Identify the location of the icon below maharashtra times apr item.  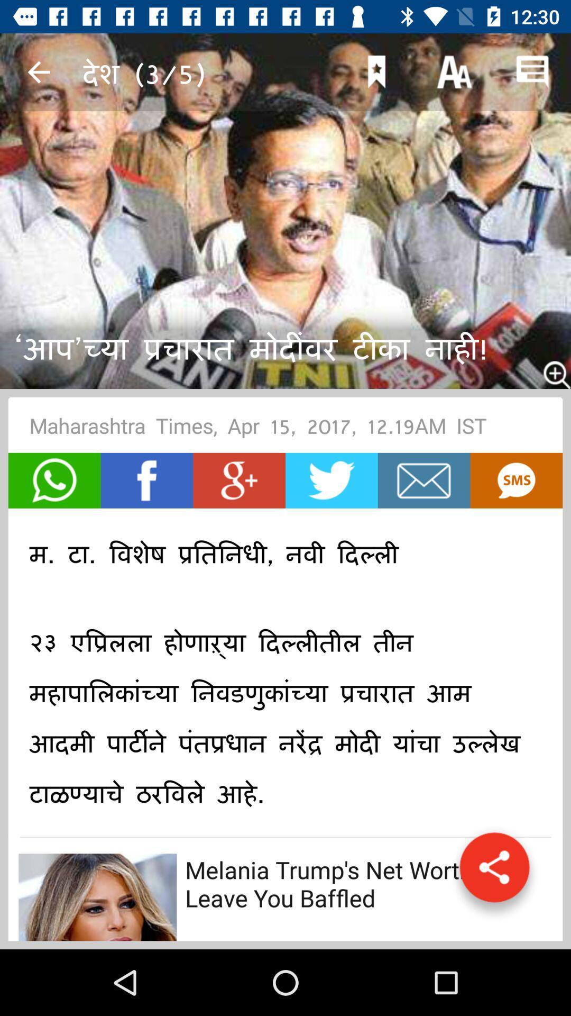
(423, 480).